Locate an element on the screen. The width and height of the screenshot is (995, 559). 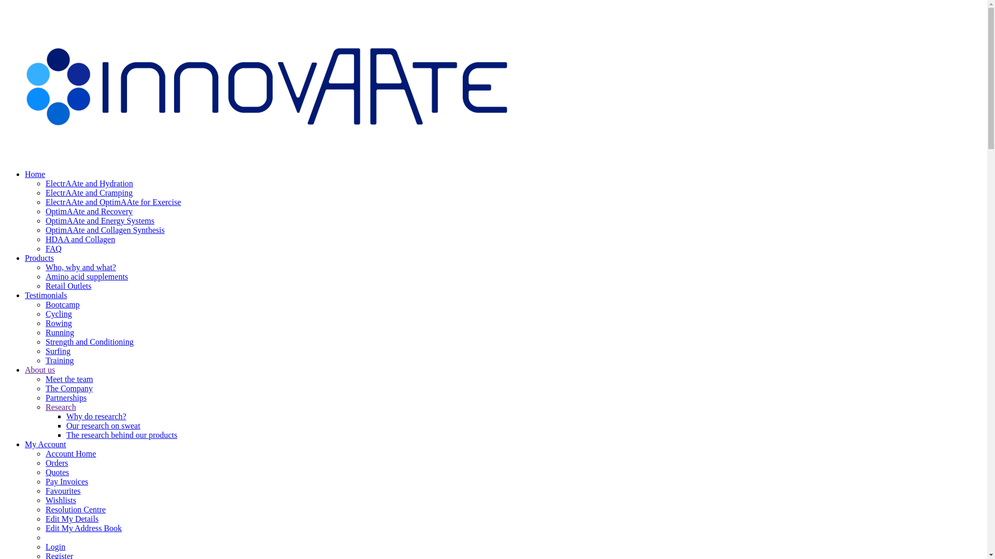
'Rowing' is located at coordinates (45, 322).